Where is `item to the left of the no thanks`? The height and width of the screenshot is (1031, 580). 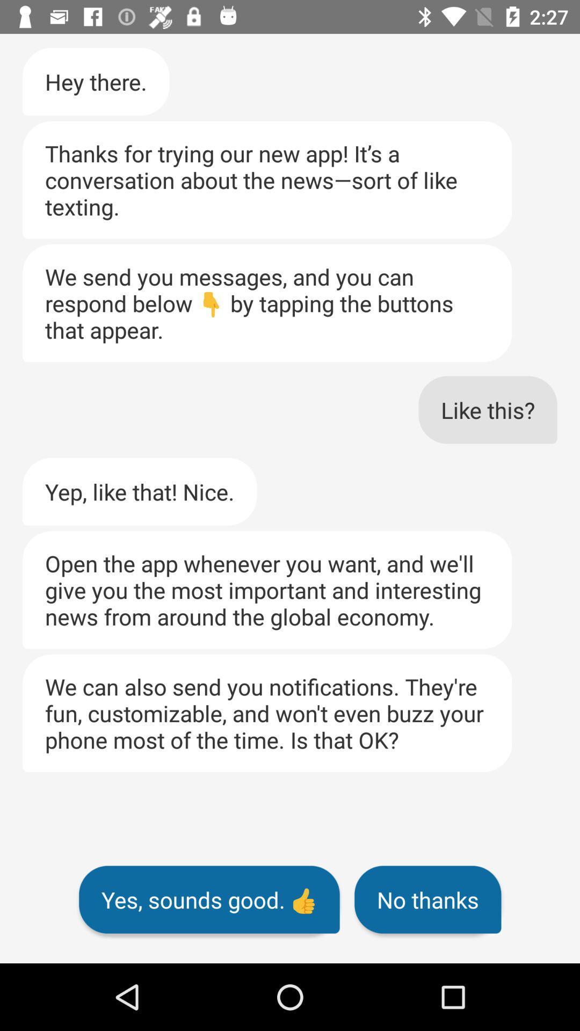
item to the left of the no thanks is located at coordinates (209, 899).